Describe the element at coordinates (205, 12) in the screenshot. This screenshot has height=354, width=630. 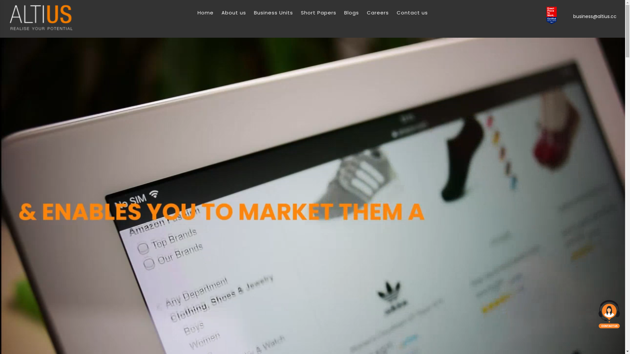
I see `'Home'` at that location.